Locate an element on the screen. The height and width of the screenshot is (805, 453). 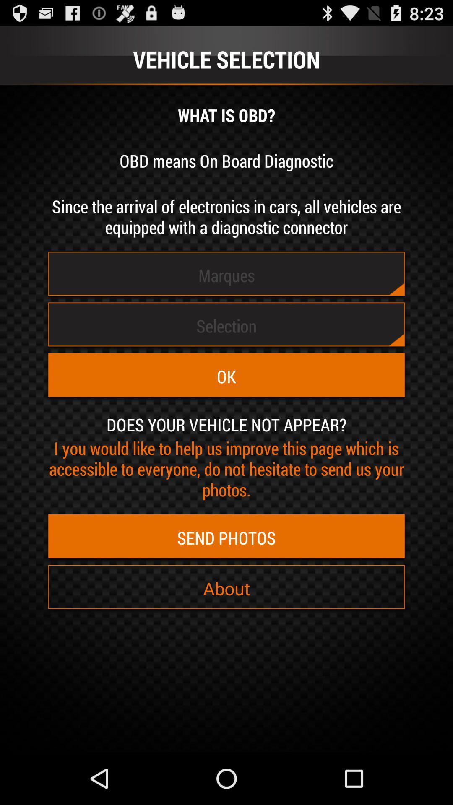
the icon below send photos item is located at coordinates (226, 588).